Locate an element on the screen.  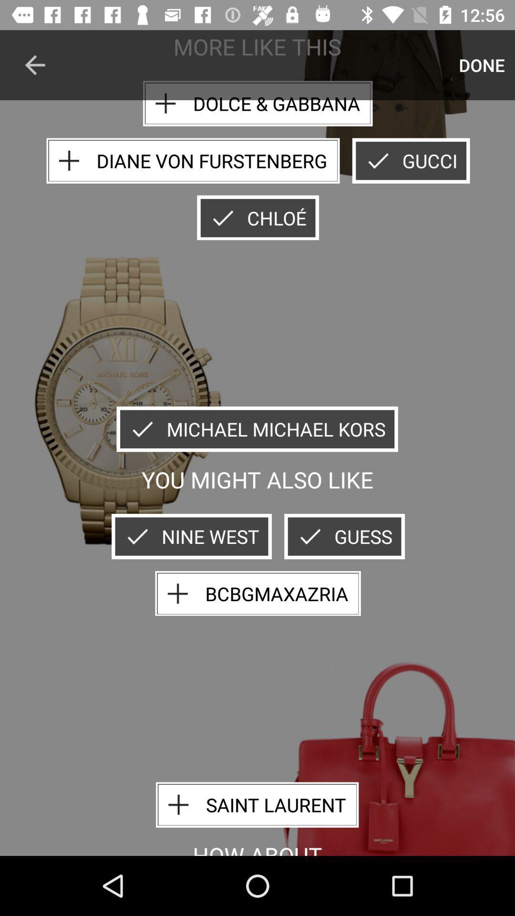
the item next to the guess item is located at coordinates (191, 536).